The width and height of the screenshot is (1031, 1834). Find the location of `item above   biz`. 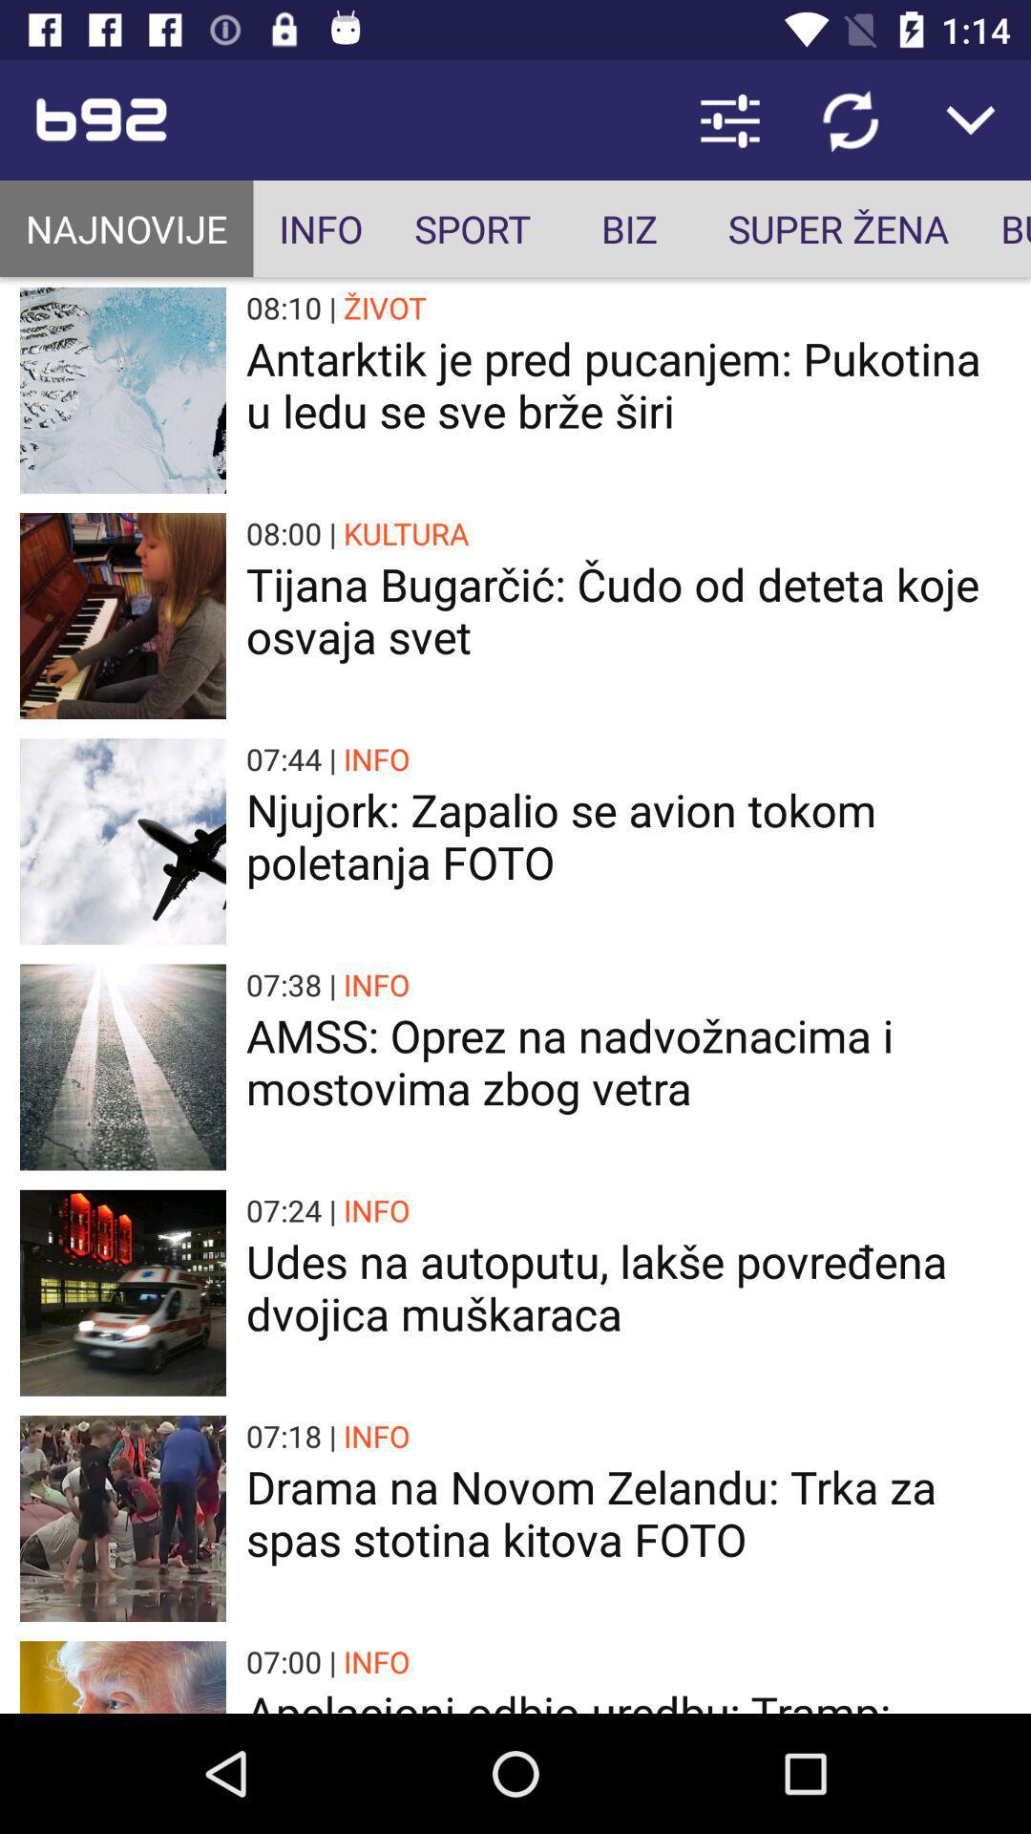

item above   biz is located at coordinates (729, 118).